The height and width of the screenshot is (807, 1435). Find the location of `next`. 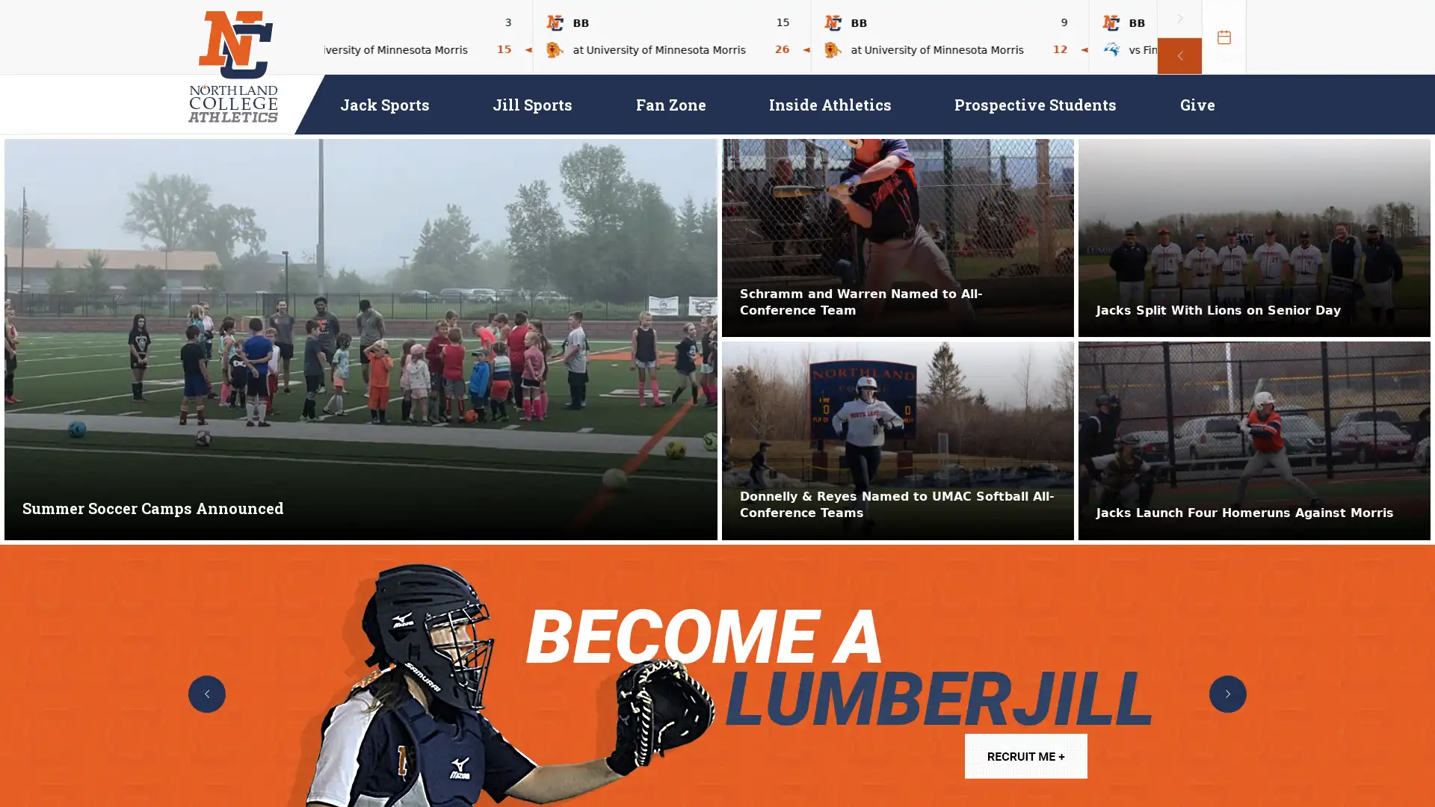

next is located at coordinates (1227, 693).